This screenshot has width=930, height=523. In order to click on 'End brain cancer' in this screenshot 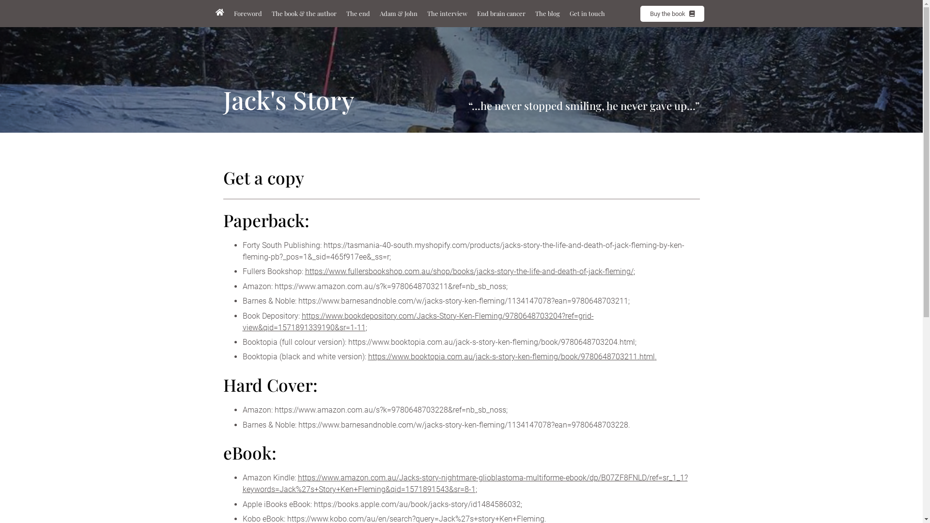, I will do `click(500, 13)`.